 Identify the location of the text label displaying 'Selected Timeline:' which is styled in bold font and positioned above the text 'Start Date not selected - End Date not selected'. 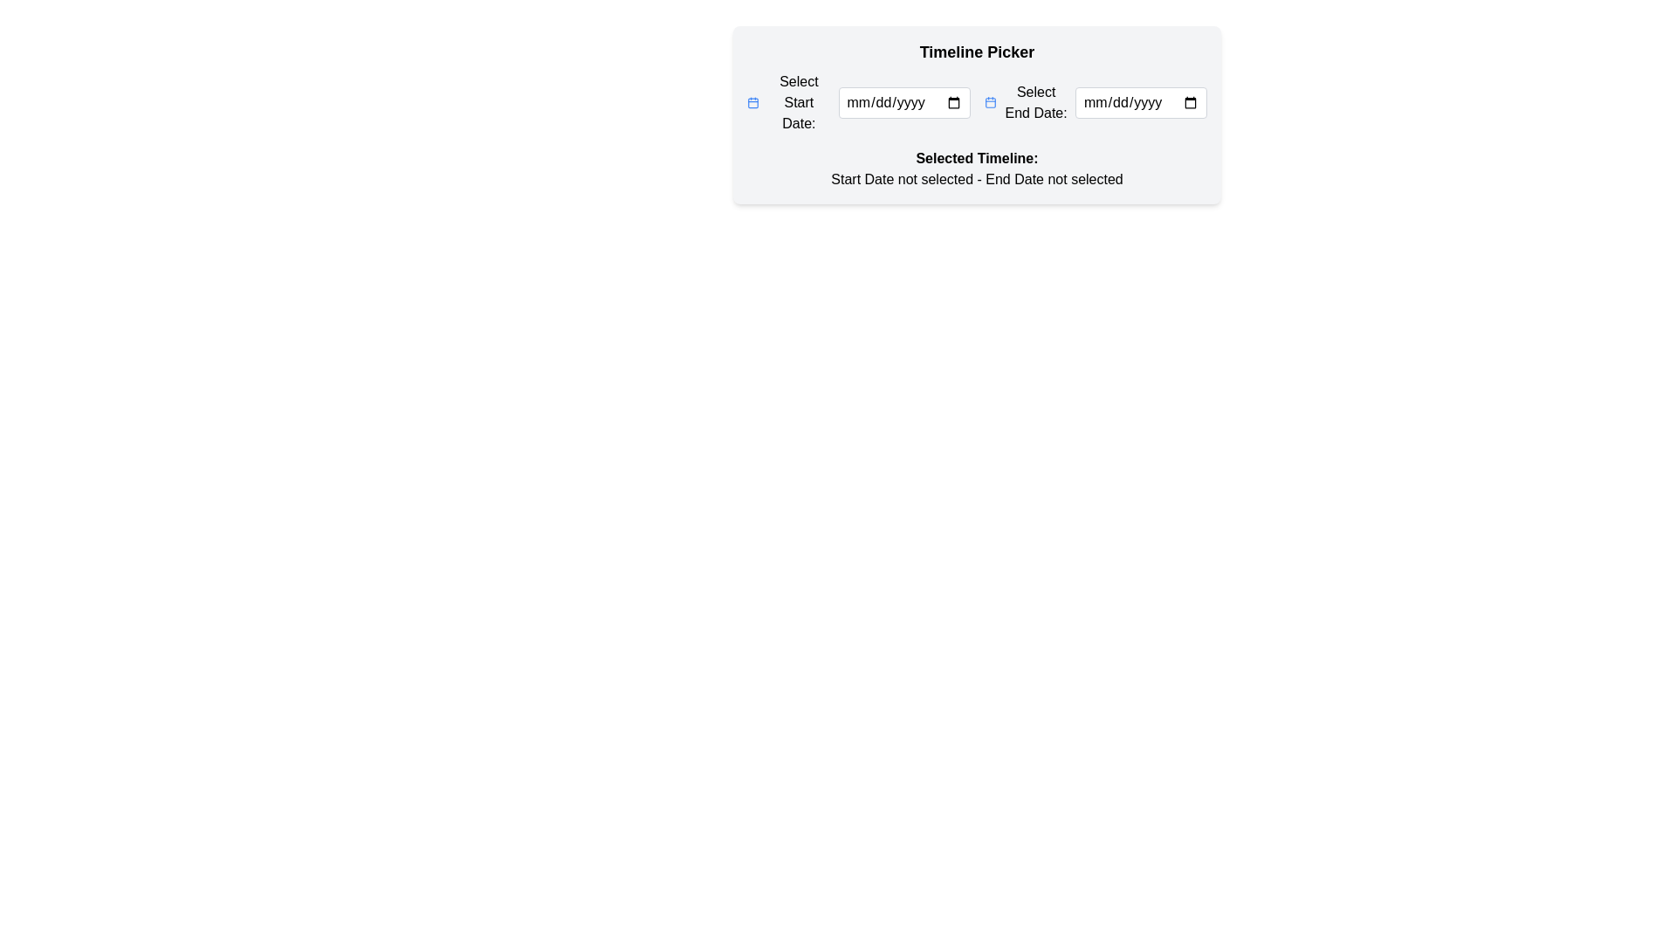
(976, 158).